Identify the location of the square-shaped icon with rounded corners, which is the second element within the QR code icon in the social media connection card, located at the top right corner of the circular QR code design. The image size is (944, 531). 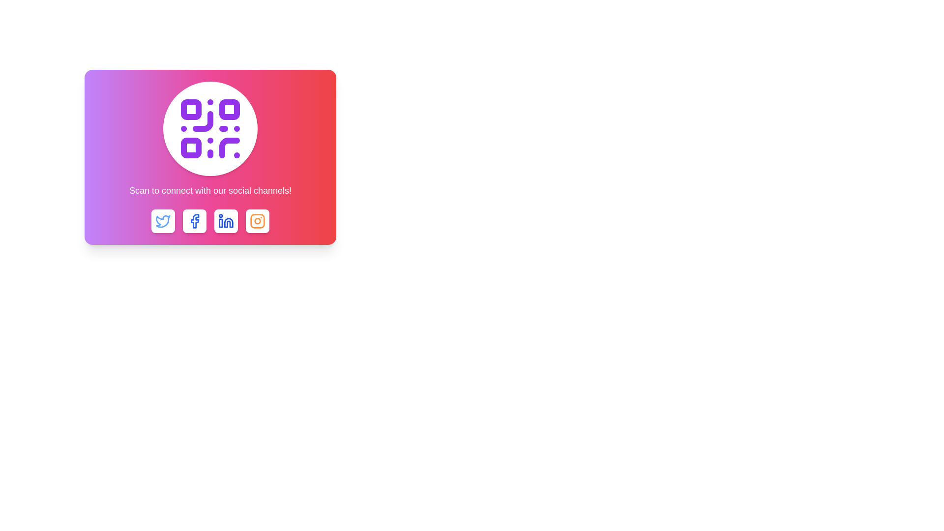
(229, 110).